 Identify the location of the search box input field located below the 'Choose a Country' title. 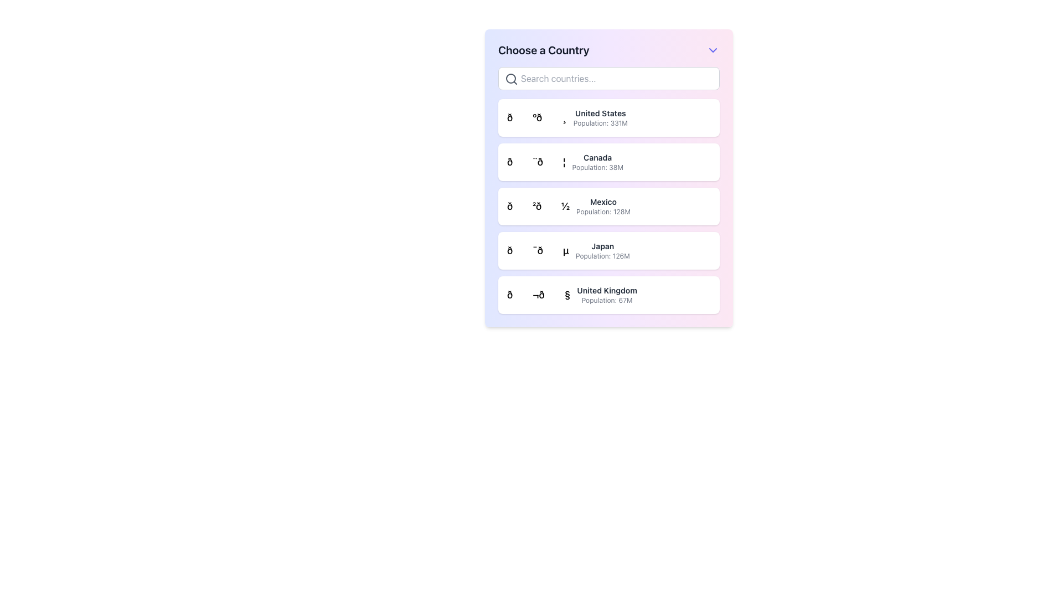
(608, 78).